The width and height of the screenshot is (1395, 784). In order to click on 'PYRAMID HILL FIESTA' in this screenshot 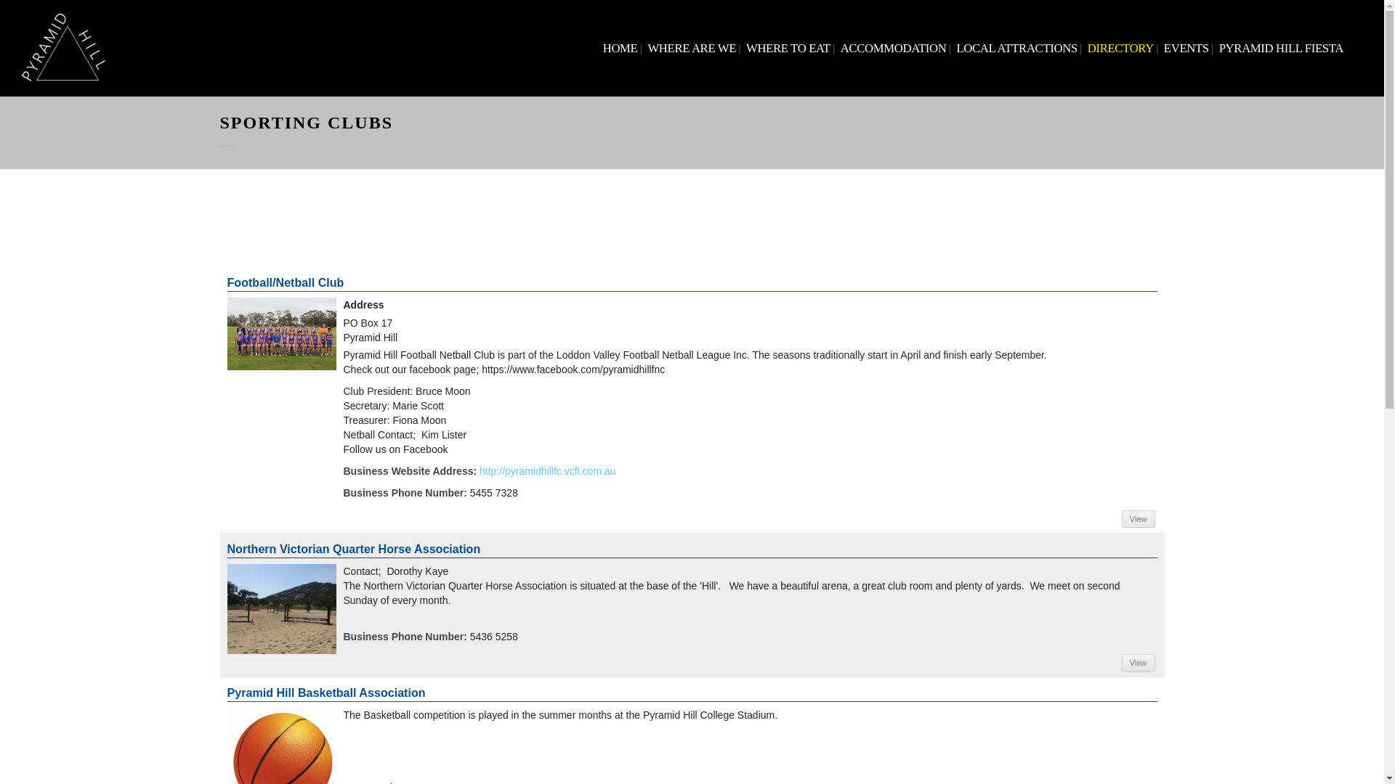, I will do `click(1216, 47)`.